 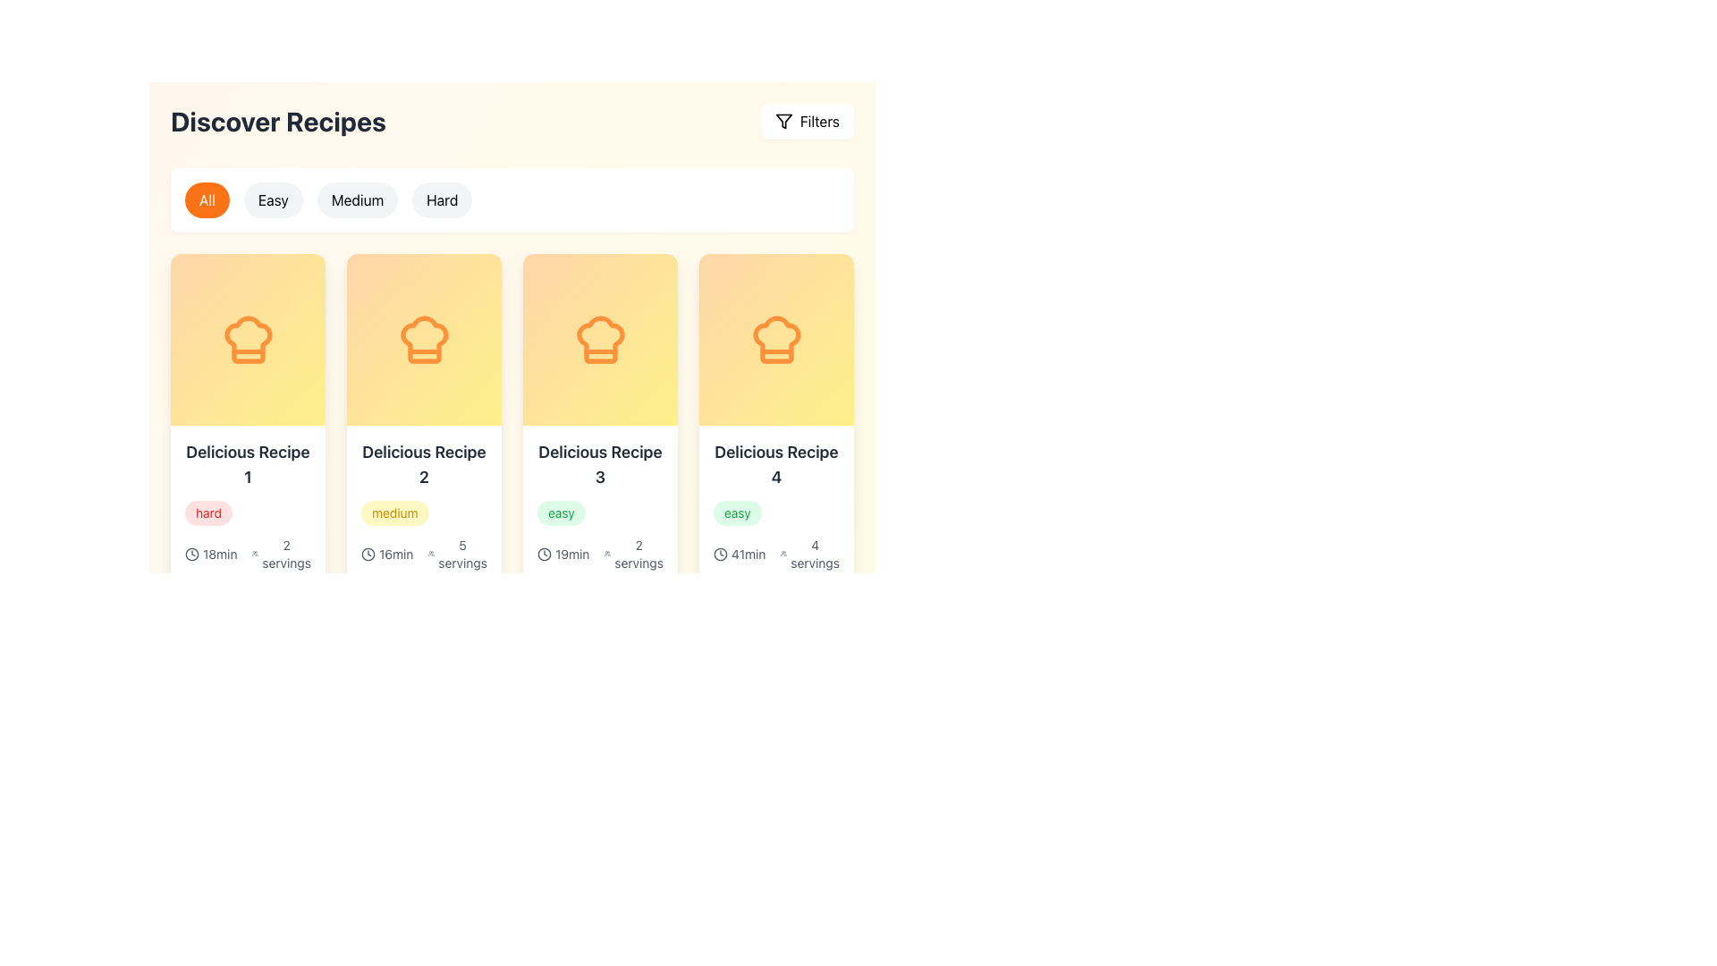 I want to click on informational text about the number of servings (4 servings) located in the second cell of the two-column grid layout at the bottom of the recipe card for 'Delicious Recipe 4', so click(x=808, y=554).